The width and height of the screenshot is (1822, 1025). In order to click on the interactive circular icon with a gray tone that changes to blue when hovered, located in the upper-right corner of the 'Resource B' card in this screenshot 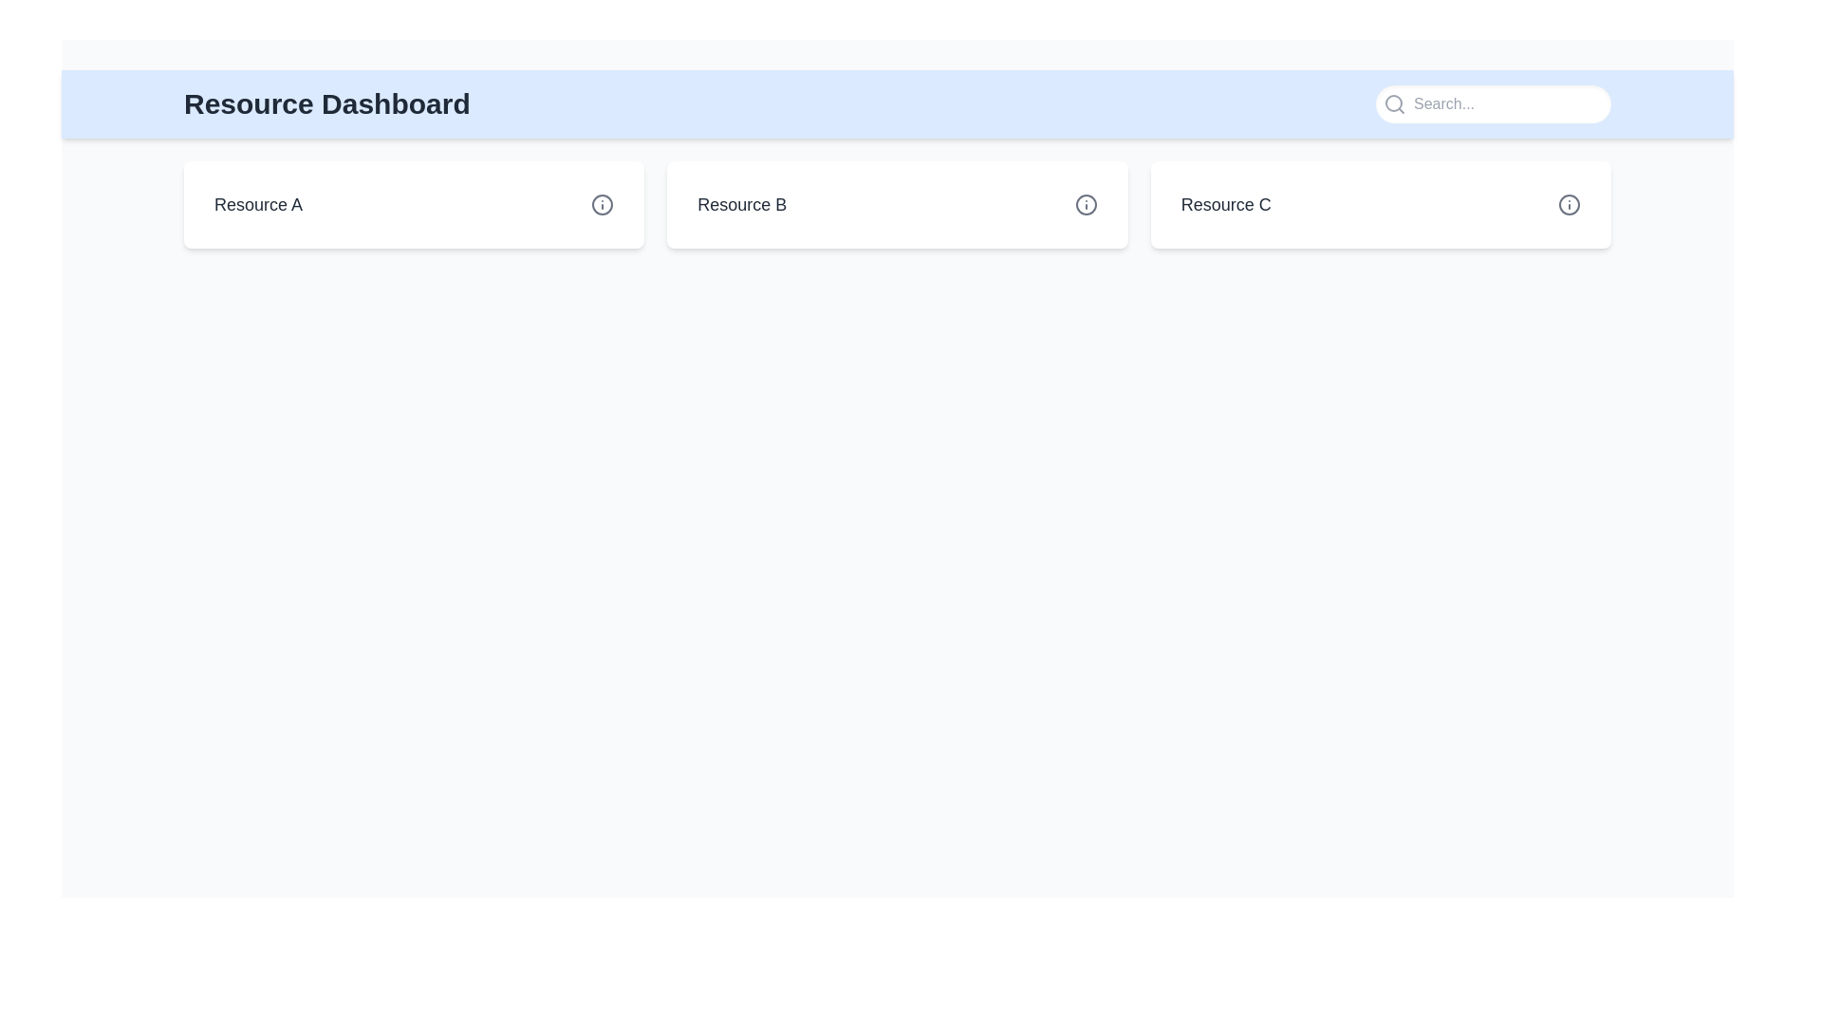, I will do `click(1086, 205)`.